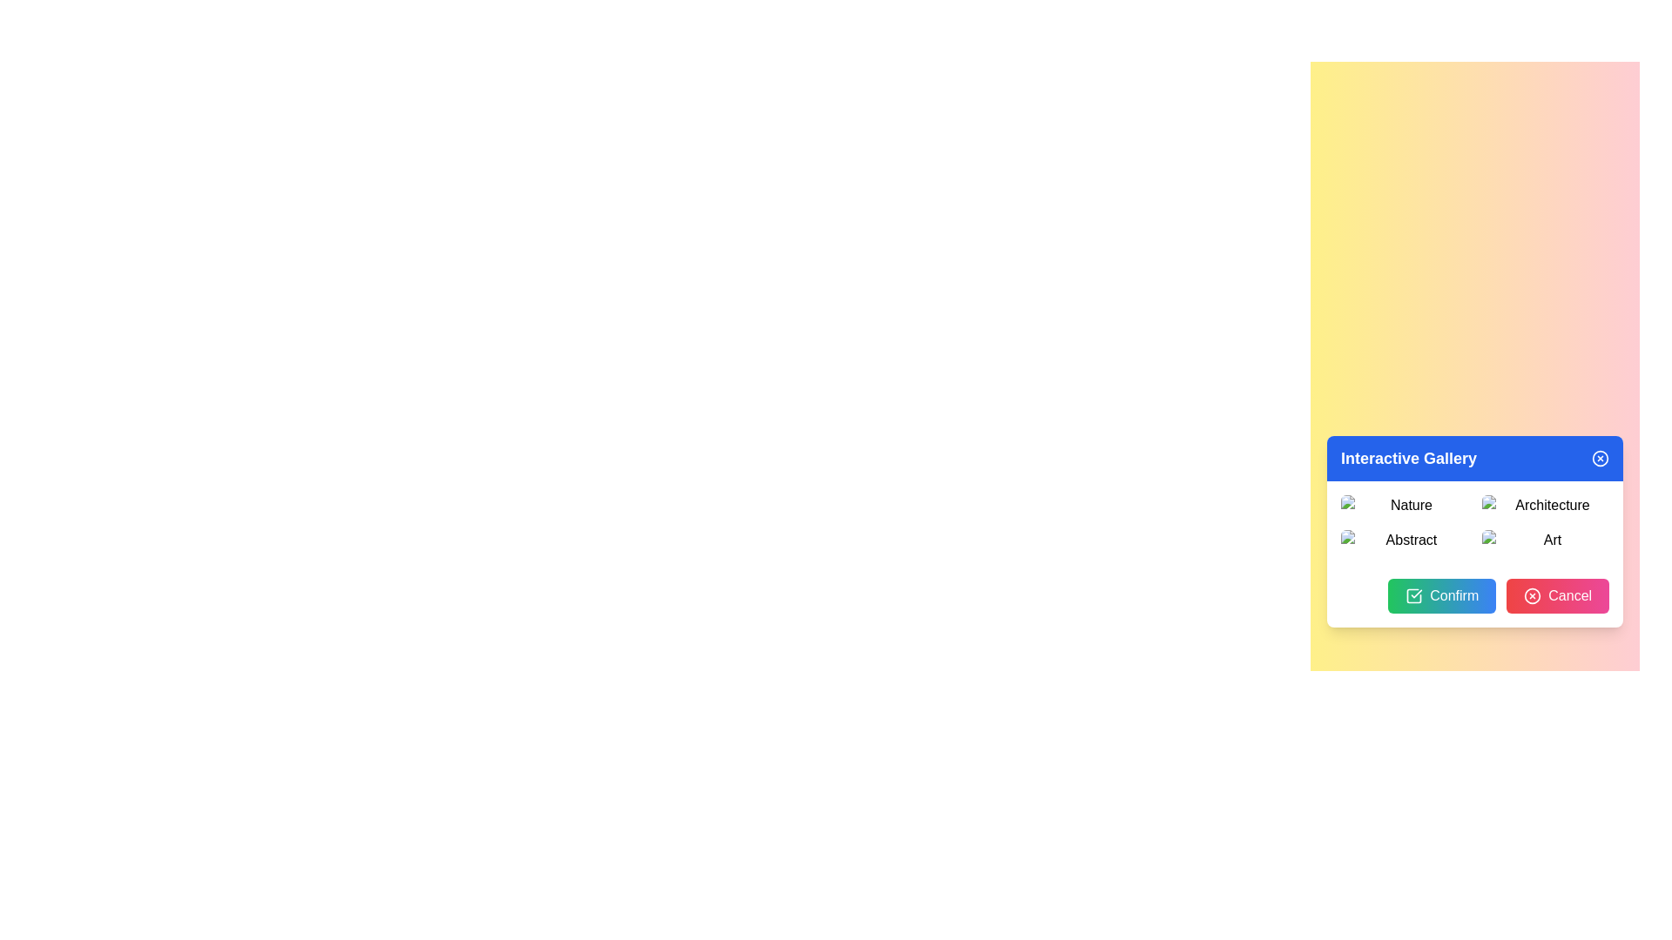 Image resolution: width=1672 pixels, height=940 pixels. Describe the element at coordinates (1404, 540) in the screenshot. I see `the 'Abstract' text label, which is displayed in bold white font and is located in the 'Interactive Gallery' section, positioned beneath 'Nature' and to the left of 'Art'` at that location.